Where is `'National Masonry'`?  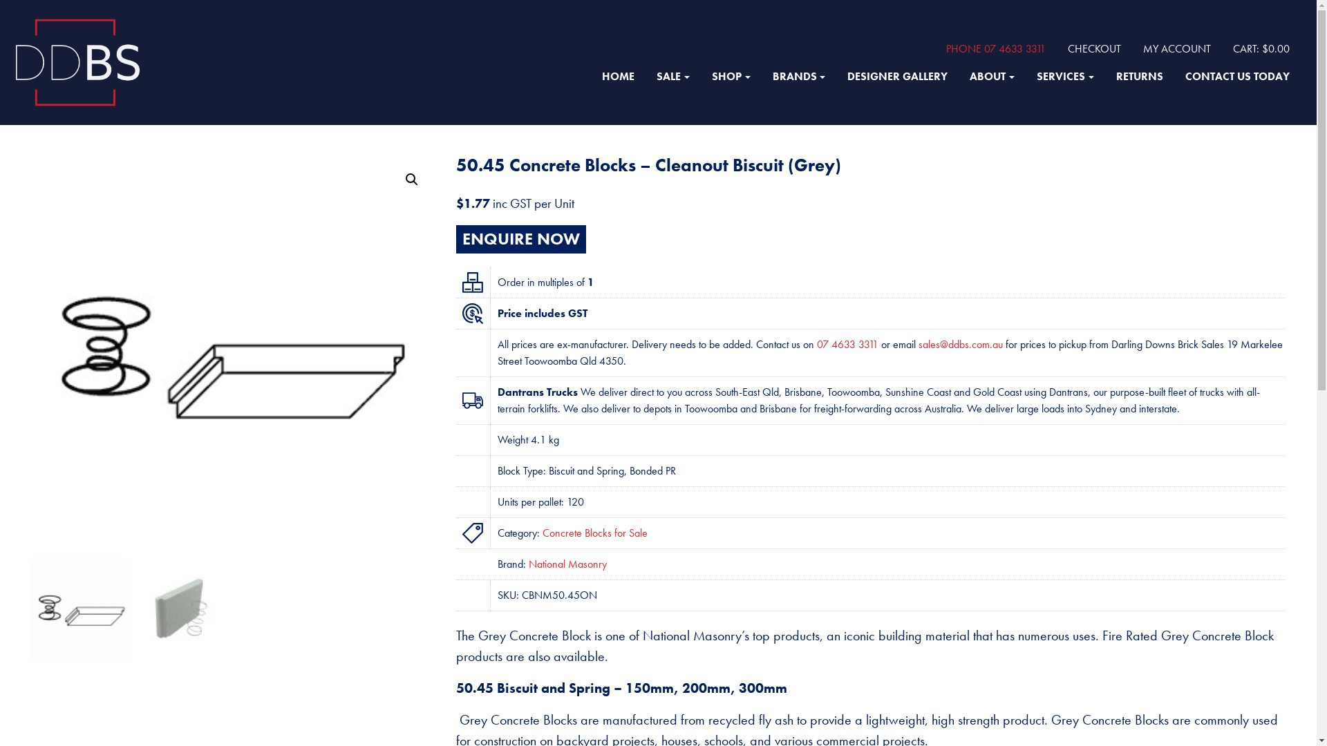
'National Masonry' is located at coordinates (567, 564).